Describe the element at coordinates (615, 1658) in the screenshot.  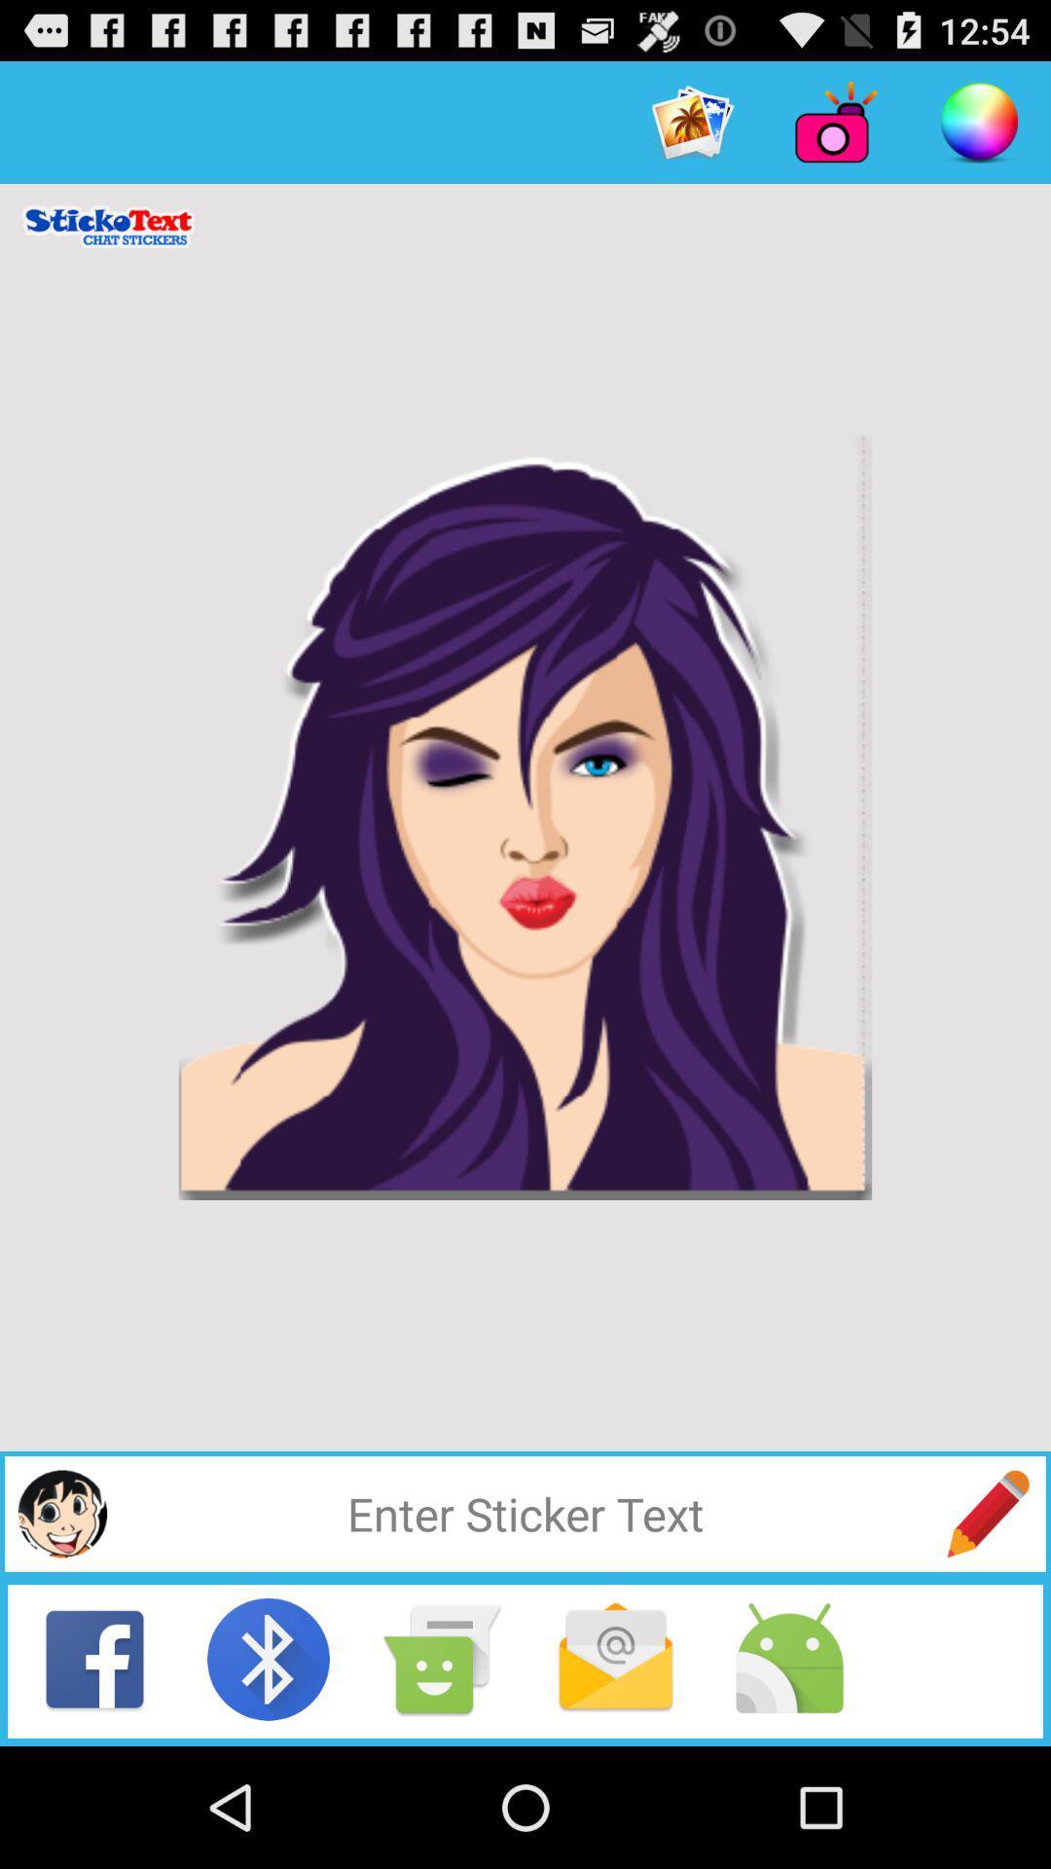
I see `see messages` at that location.